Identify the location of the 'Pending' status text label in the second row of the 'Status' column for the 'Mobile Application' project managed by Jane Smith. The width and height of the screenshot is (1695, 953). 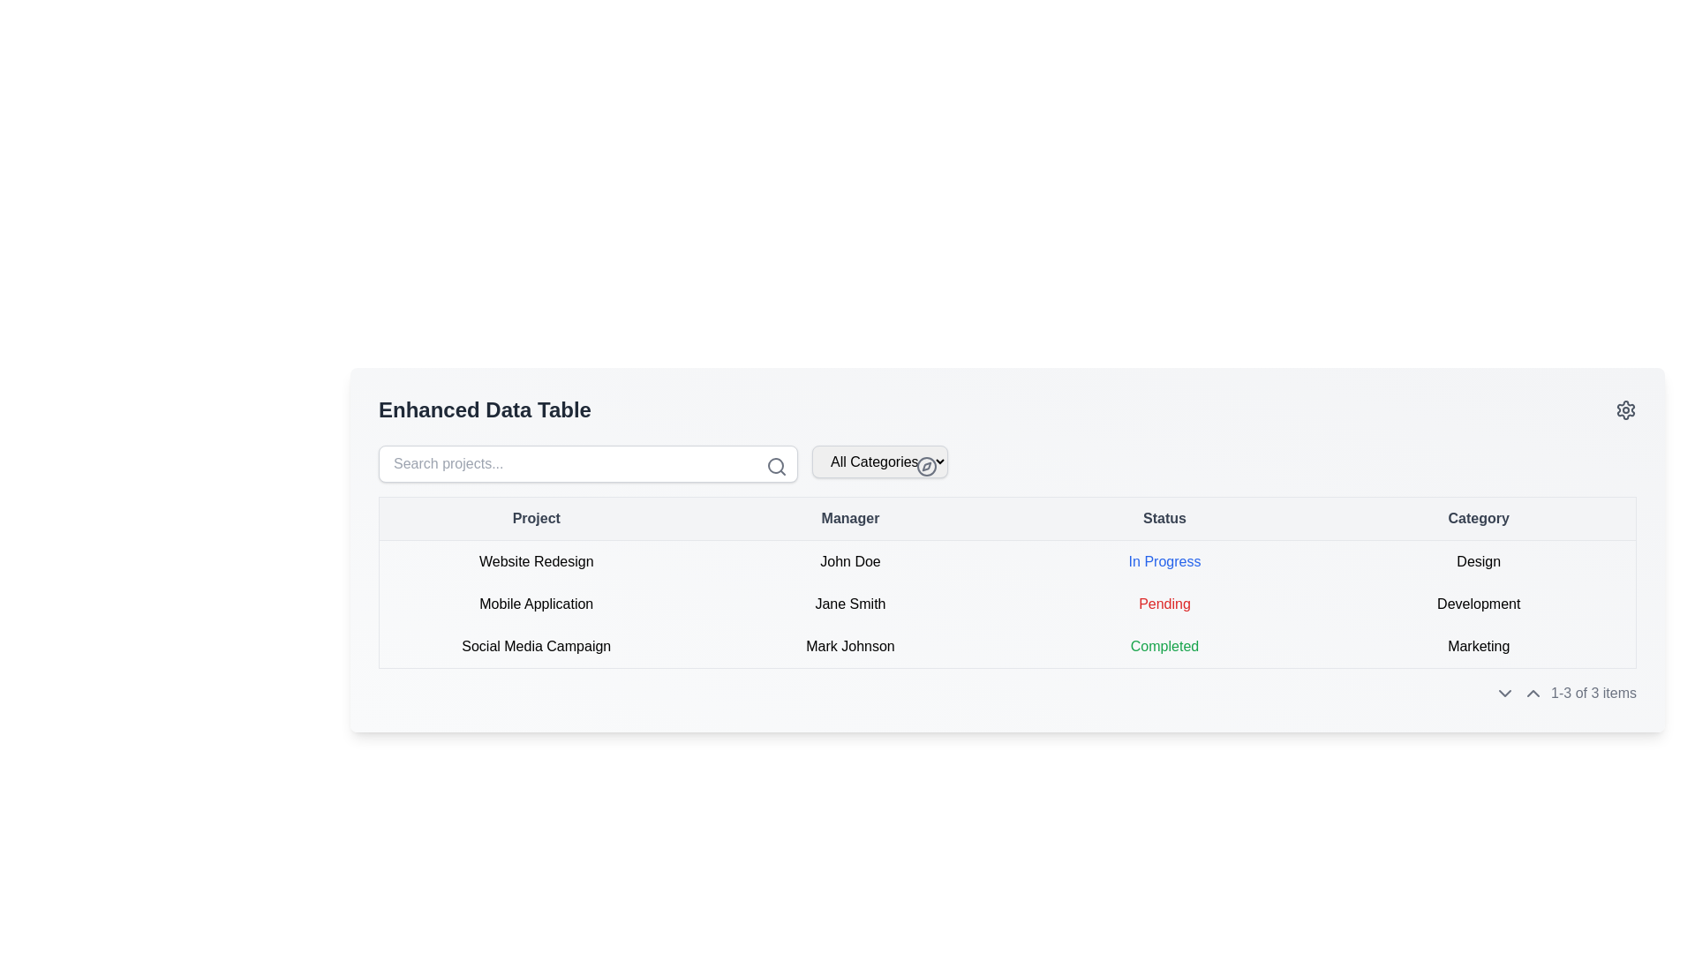
(1164, 603).